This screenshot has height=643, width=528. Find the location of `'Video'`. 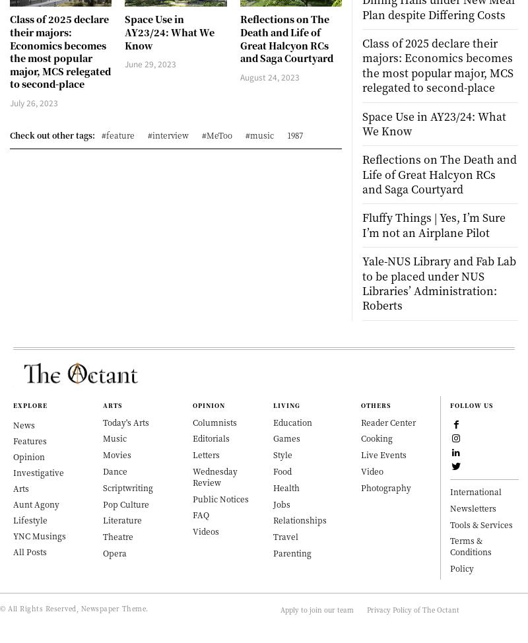

'Video' is located at coordinates (372, 471).